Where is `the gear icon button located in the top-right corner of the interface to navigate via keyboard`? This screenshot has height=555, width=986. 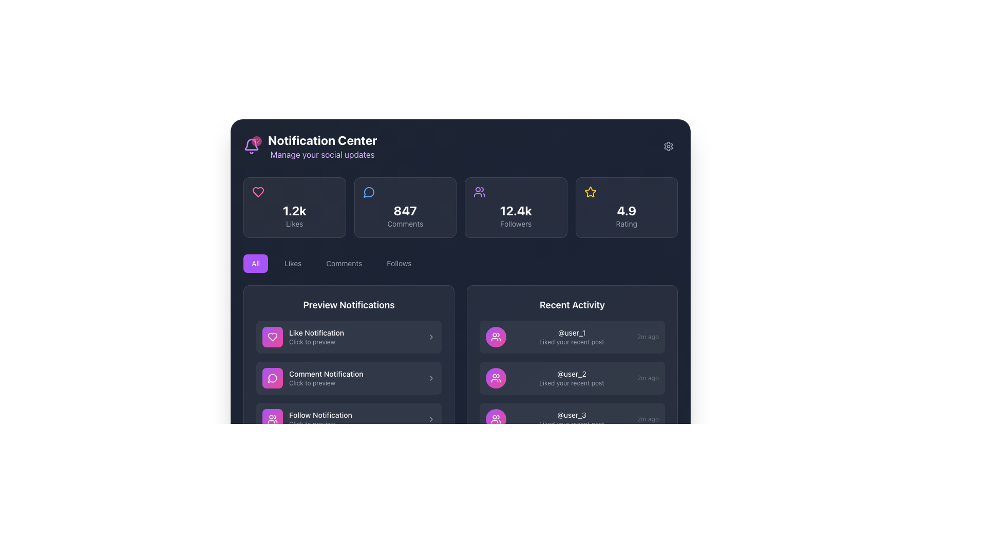
the gear icon button located in the top-right corner of the interface to navigate via keyboard is located at coordinates (668, 146).